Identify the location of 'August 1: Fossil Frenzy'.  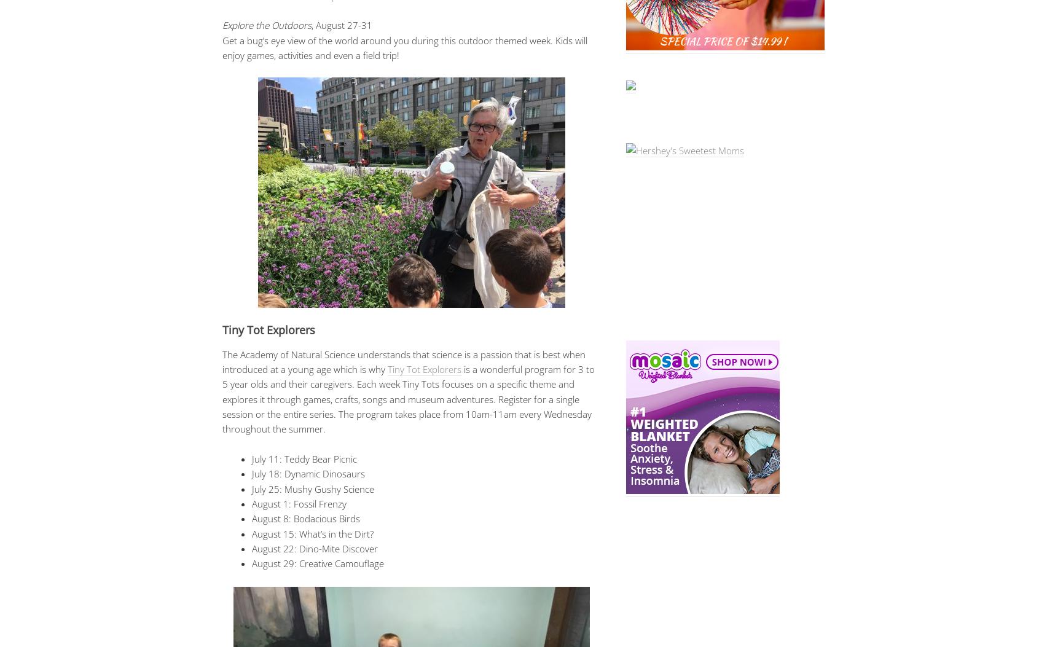
(299, 503).